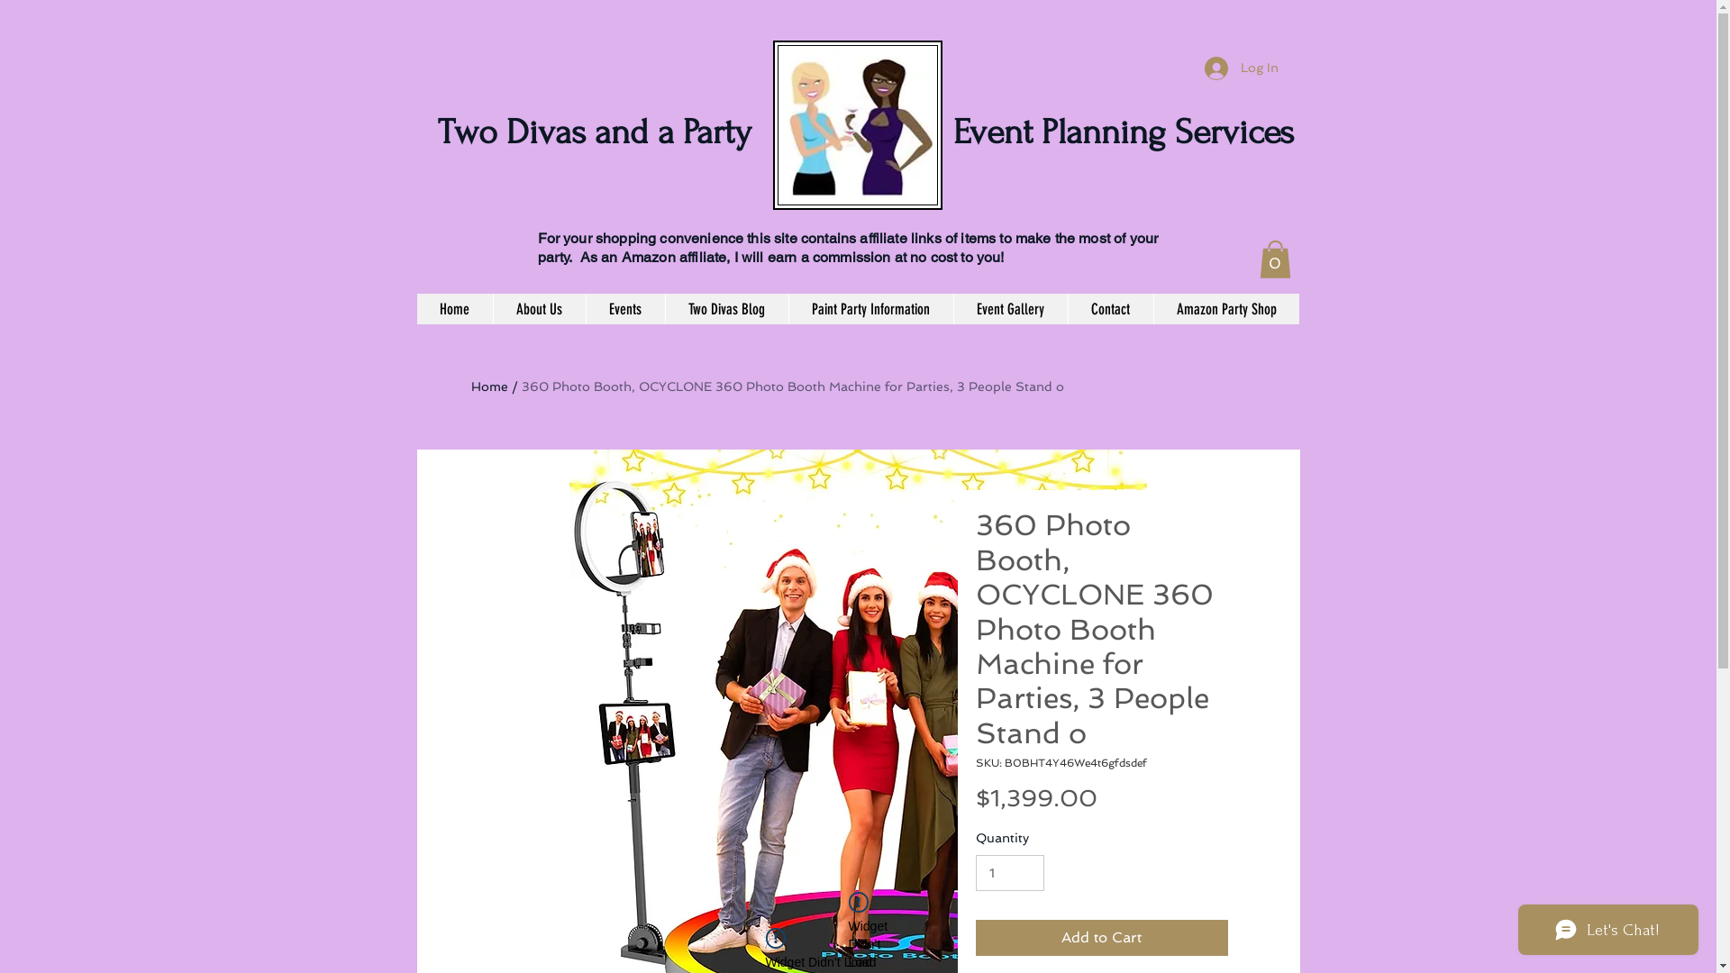 The height and width of the screenshot is (973, 1730). What do you see at coordinates (1010, 308) in the screenshot?
I see `'Event Gallery'` at bounding box center [1010, 308].